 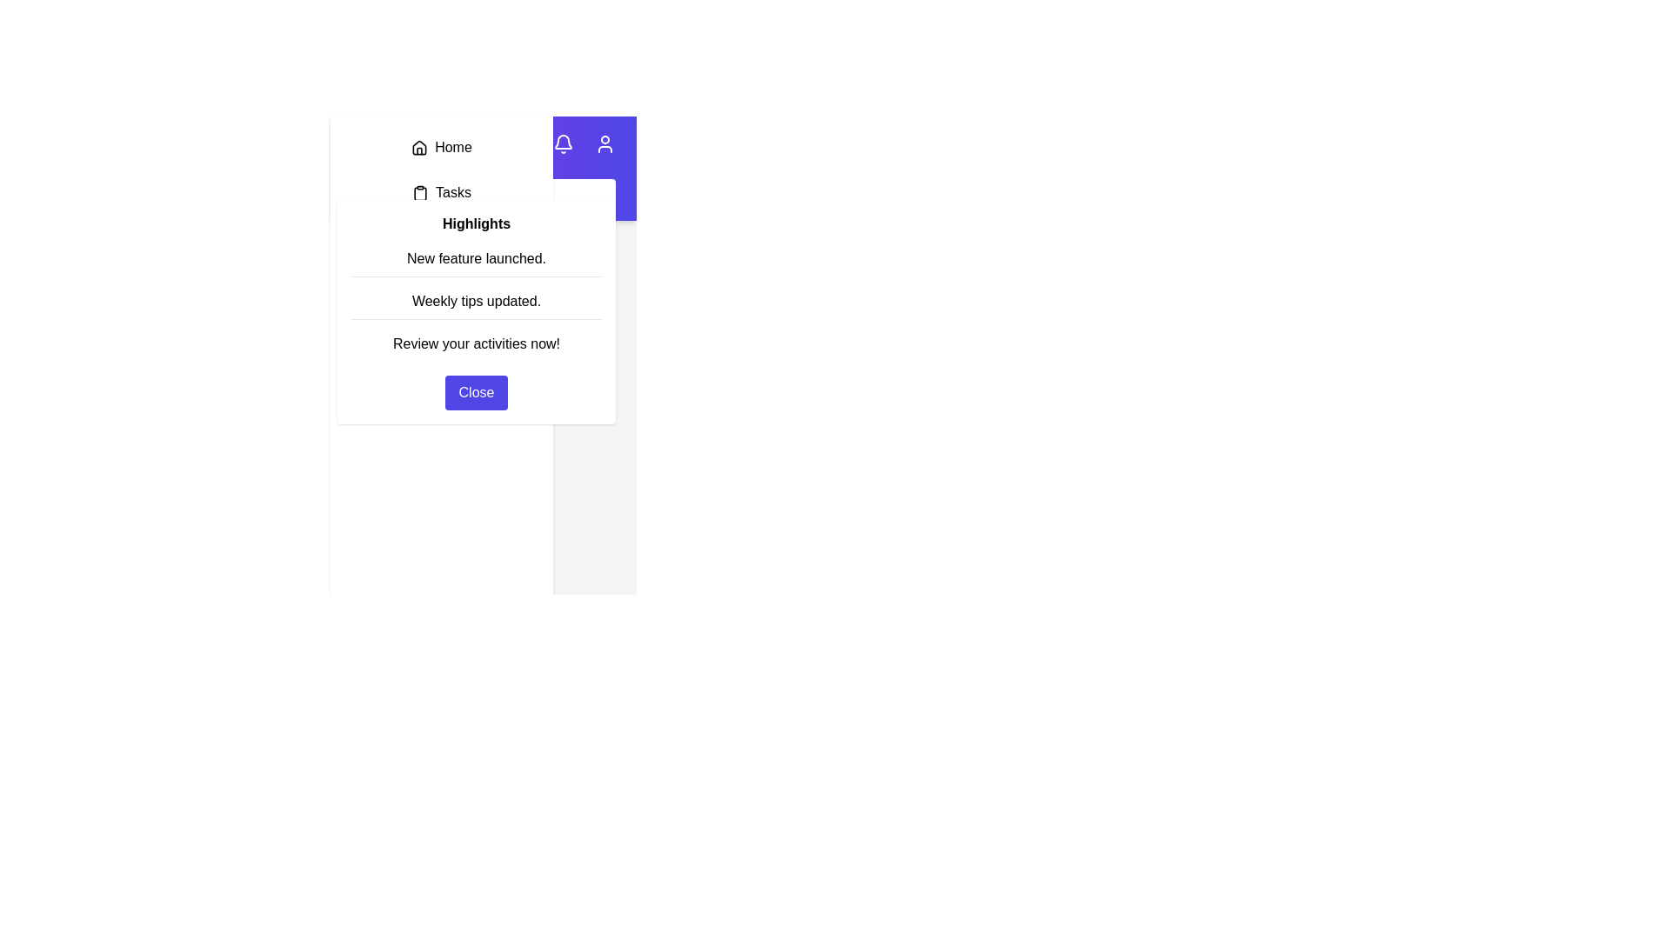 I want to click on the Text Label that serves as a title or heading, indicating the current section or feature of the application related to the user's activities, so click(x=437, y=143).